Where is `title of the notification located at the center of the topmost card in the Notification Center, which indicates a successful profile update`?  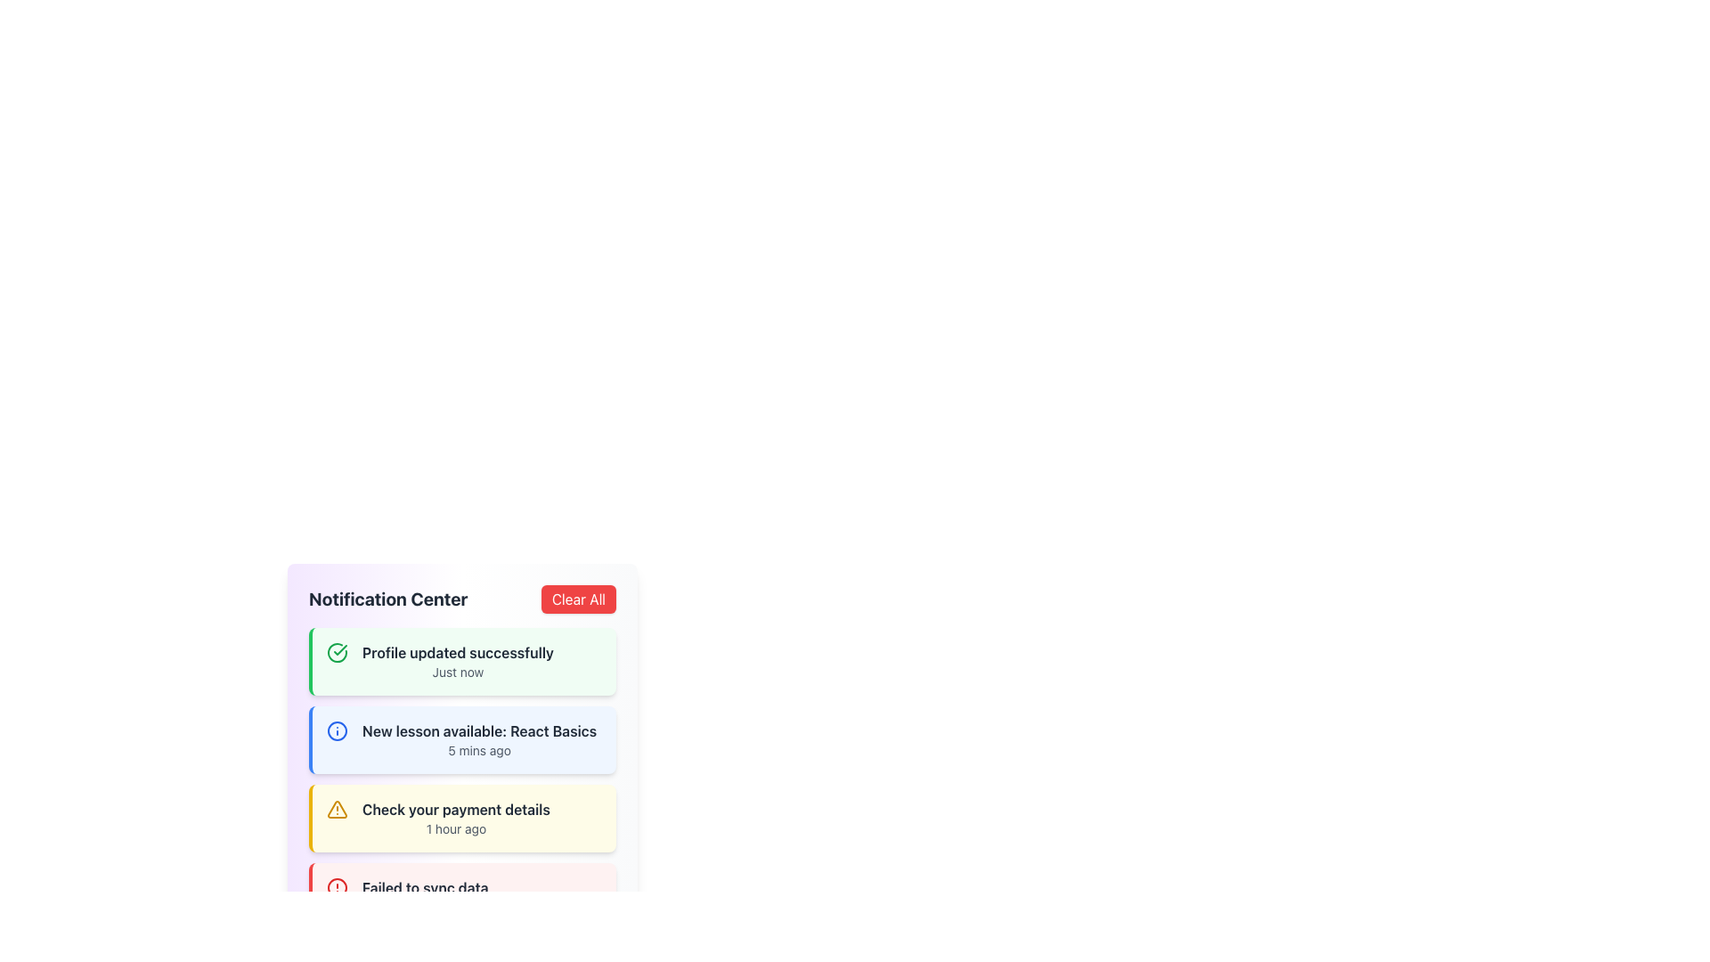 title of the notification located at the center of the topmost card in the Notification Center, which indicates a successful profile update is located at coordinates (458, 652).